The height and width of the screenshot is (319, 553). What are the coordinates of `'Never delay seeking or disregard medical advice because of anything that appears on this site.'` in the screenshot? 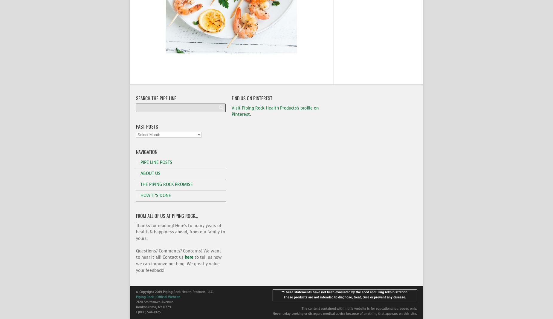 It's located at (273, 313).